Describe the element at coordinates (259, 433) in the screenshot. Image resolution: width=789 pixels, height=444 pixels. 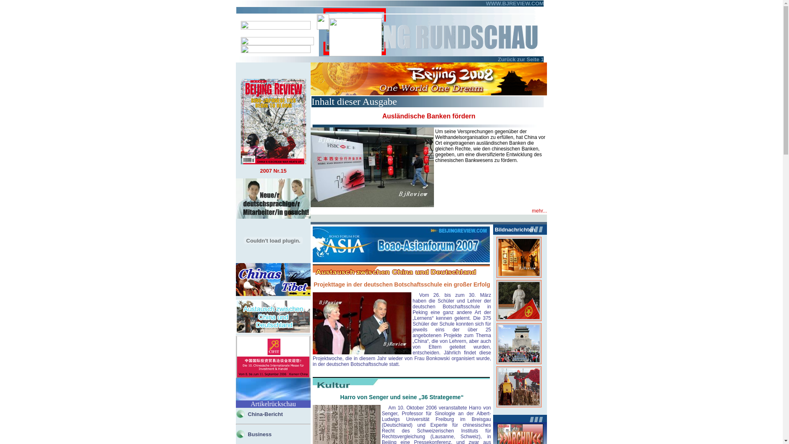
I see `'Business'` at that location.